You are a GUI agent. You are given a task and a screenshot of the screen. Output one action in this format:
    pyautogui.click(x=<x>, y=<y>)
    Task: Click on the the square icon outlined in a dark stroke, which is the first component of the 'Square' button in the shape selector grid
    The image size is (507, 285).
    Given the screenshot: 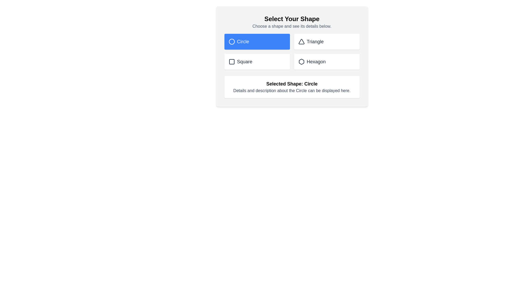 What is the action you would take?
    pyautogui.click(x=232, y=61)
    